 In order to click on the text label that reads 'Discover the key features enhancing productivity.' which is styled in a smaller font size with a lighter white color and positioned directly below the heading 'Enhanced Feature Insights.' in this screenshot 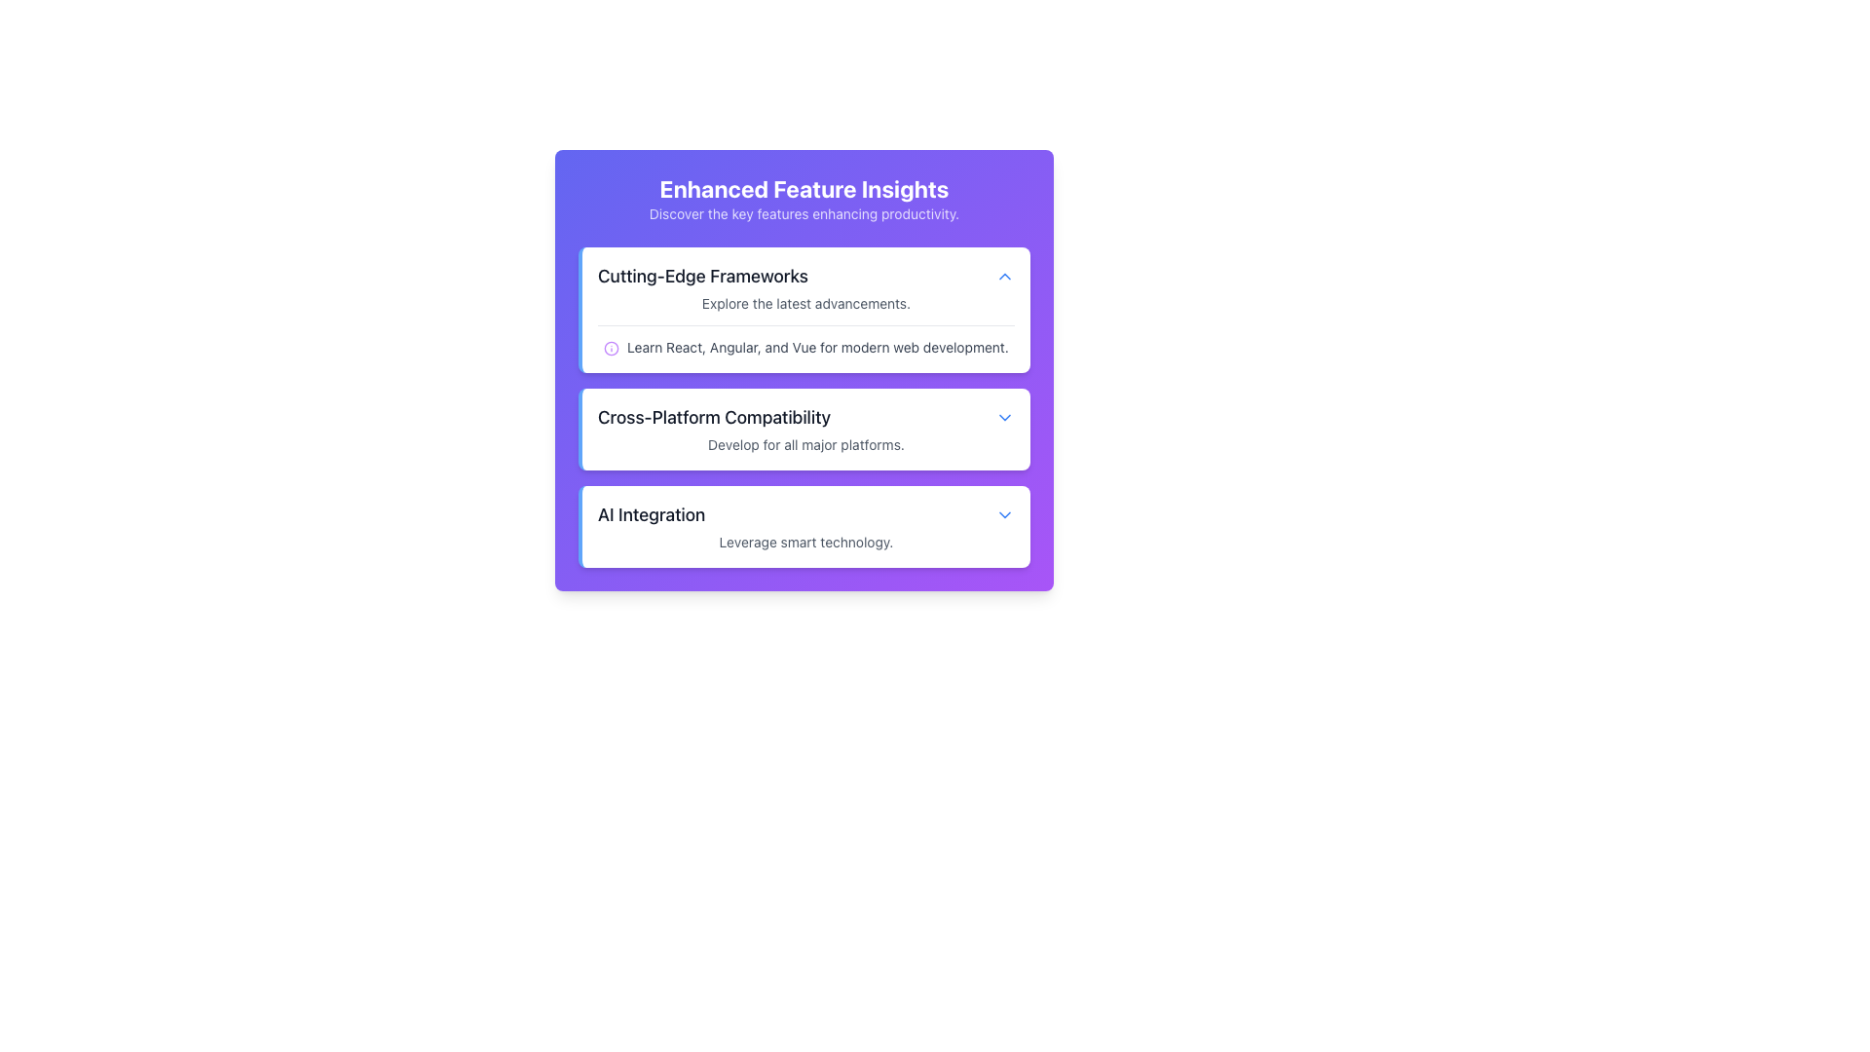, I will do `click(804, 213)`.